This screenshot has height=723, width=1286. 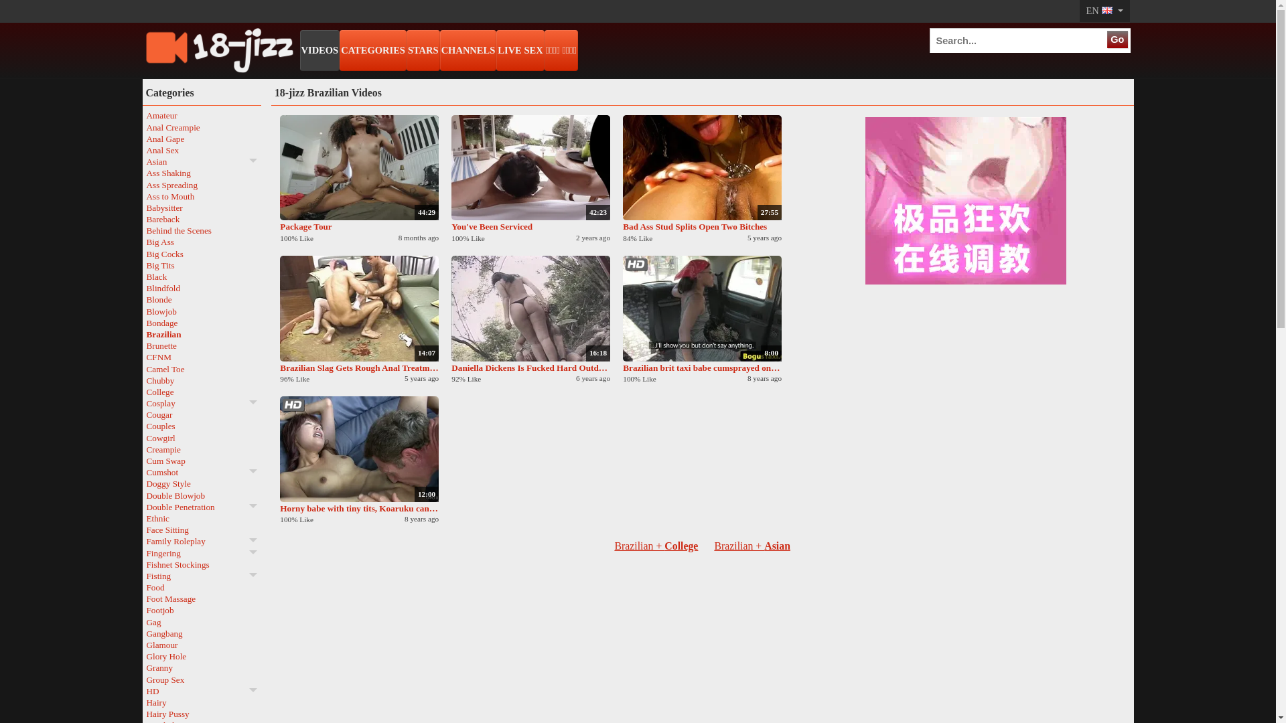 What do you see at coordinates (145, 185) in the screenshot?
I see `'Ass Spreading'` at bounding box center [145, 185].